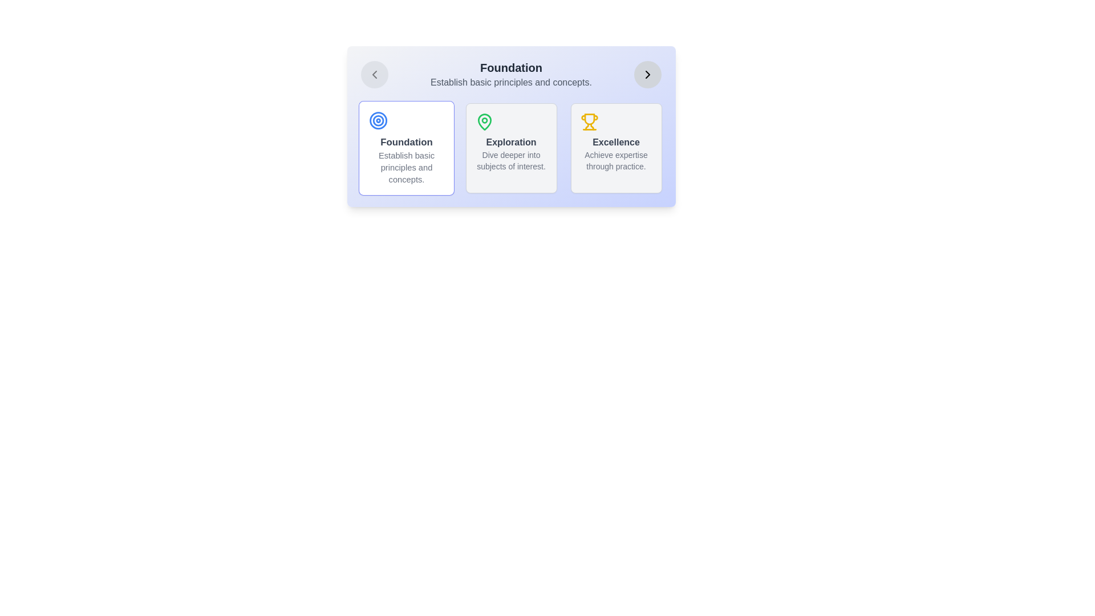 Image resolution: width=1095 pixels, height=616 pixels. I want to click on the green map pin icon with a circular outline, located in the middle card of the 'Exploration' section, so click(484, 121).